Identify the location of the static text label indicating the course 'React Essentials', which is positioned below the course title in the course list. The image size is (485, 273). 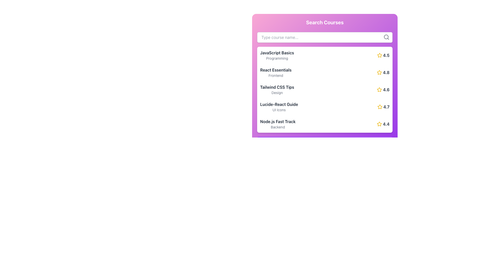
(276, 76).